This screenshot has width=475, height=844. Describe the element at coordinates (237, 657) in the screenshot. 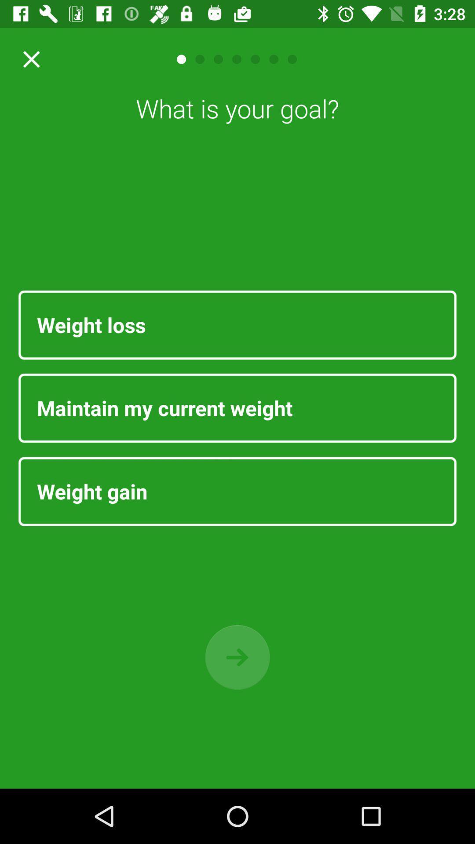

I see `go back` at that location.